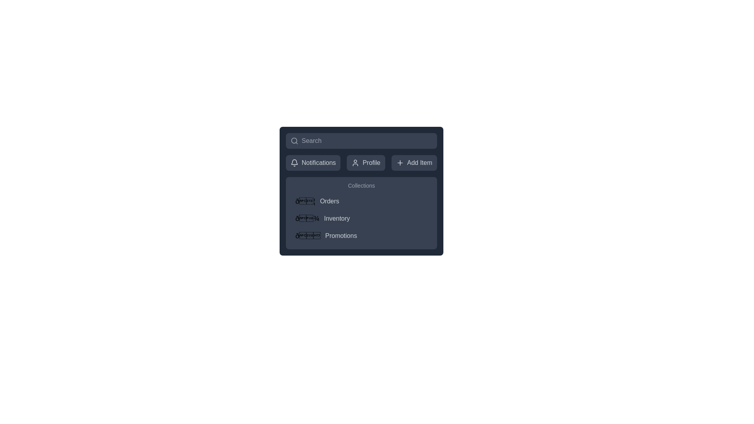 The image size is (754, 424). Describe the element at coordinates (294, 161) in the screenshot. I see `the decorative bell icon representing notifications, located in the top-left corner of the interface within the navigation menu` at that location.